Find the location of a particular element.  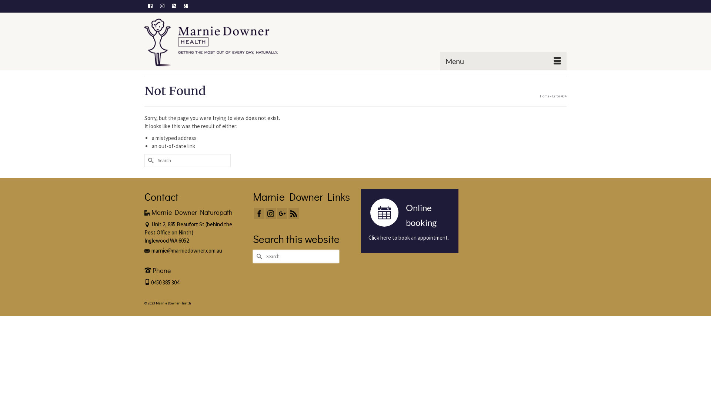

'Online booking is located at coordinates (409, 221).